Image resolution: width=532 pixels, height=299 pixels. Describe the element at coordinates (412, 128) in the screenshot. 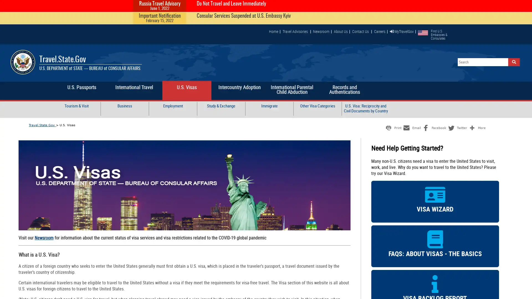

I see `Share to Email Email` at that location.